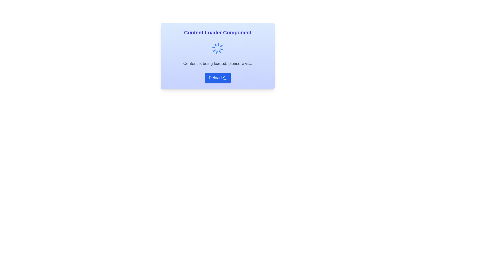 The width and height of the screenshot is (489, 275). Describe the element at coordinates (218, 78) in the screenshot. I see `the 'Reload' button with a blue background and white text, located below the loading message, to initiate content reload` at that location.